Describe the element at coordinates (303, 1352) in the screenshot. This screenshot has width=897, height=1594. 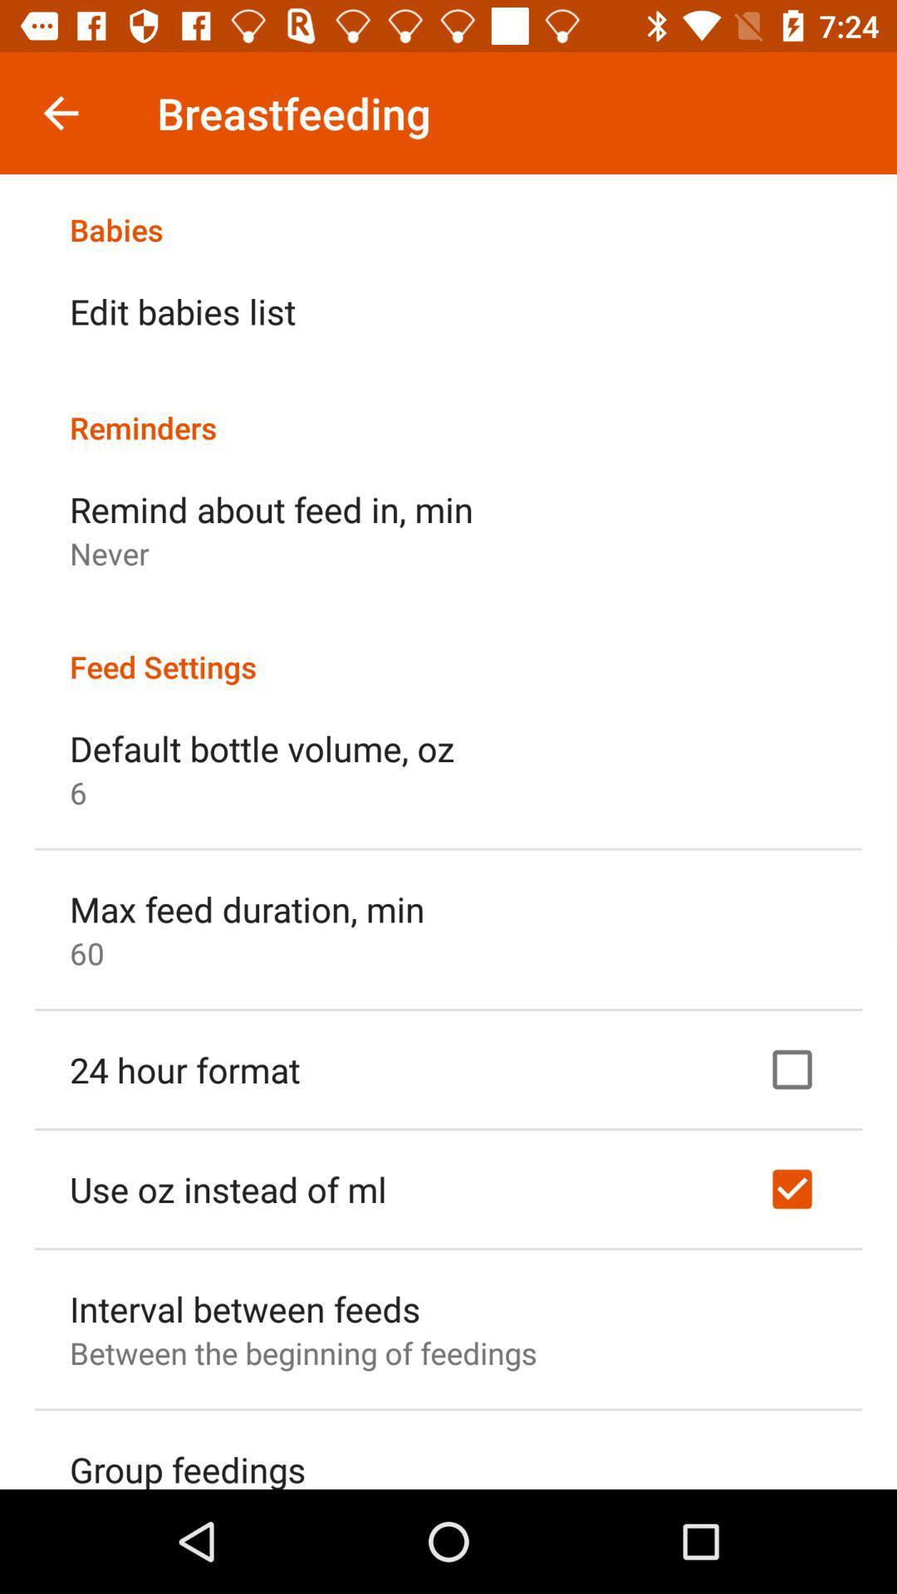
I see `icon above the group feedings icon` at that location.